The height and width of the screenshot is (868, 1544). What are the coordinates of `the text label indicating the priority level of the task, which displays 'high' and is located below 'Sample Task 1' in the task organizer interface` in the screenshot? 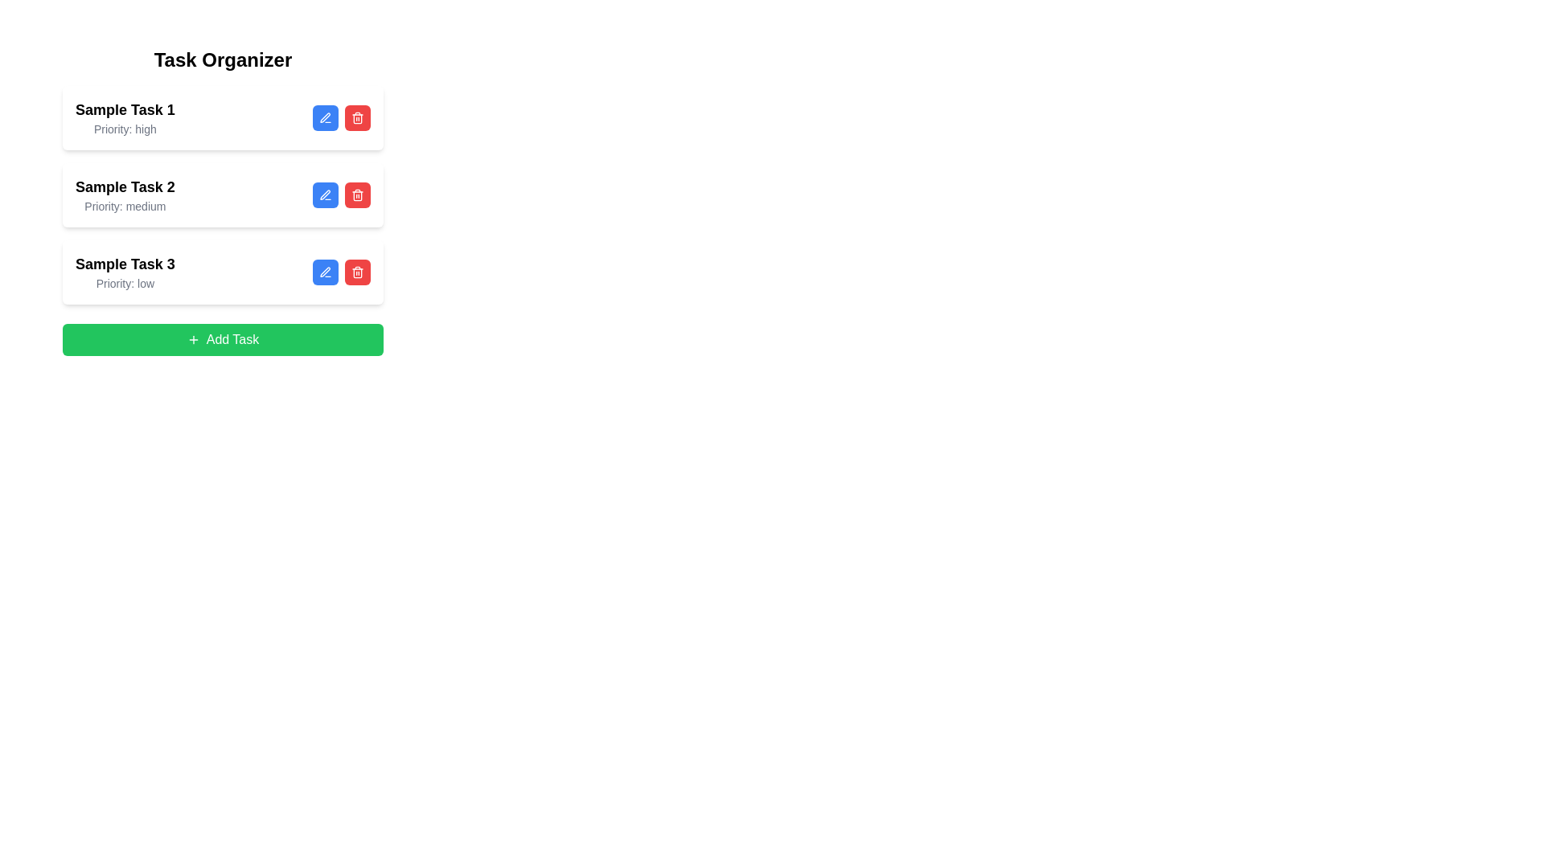 It's located at (124, 129).